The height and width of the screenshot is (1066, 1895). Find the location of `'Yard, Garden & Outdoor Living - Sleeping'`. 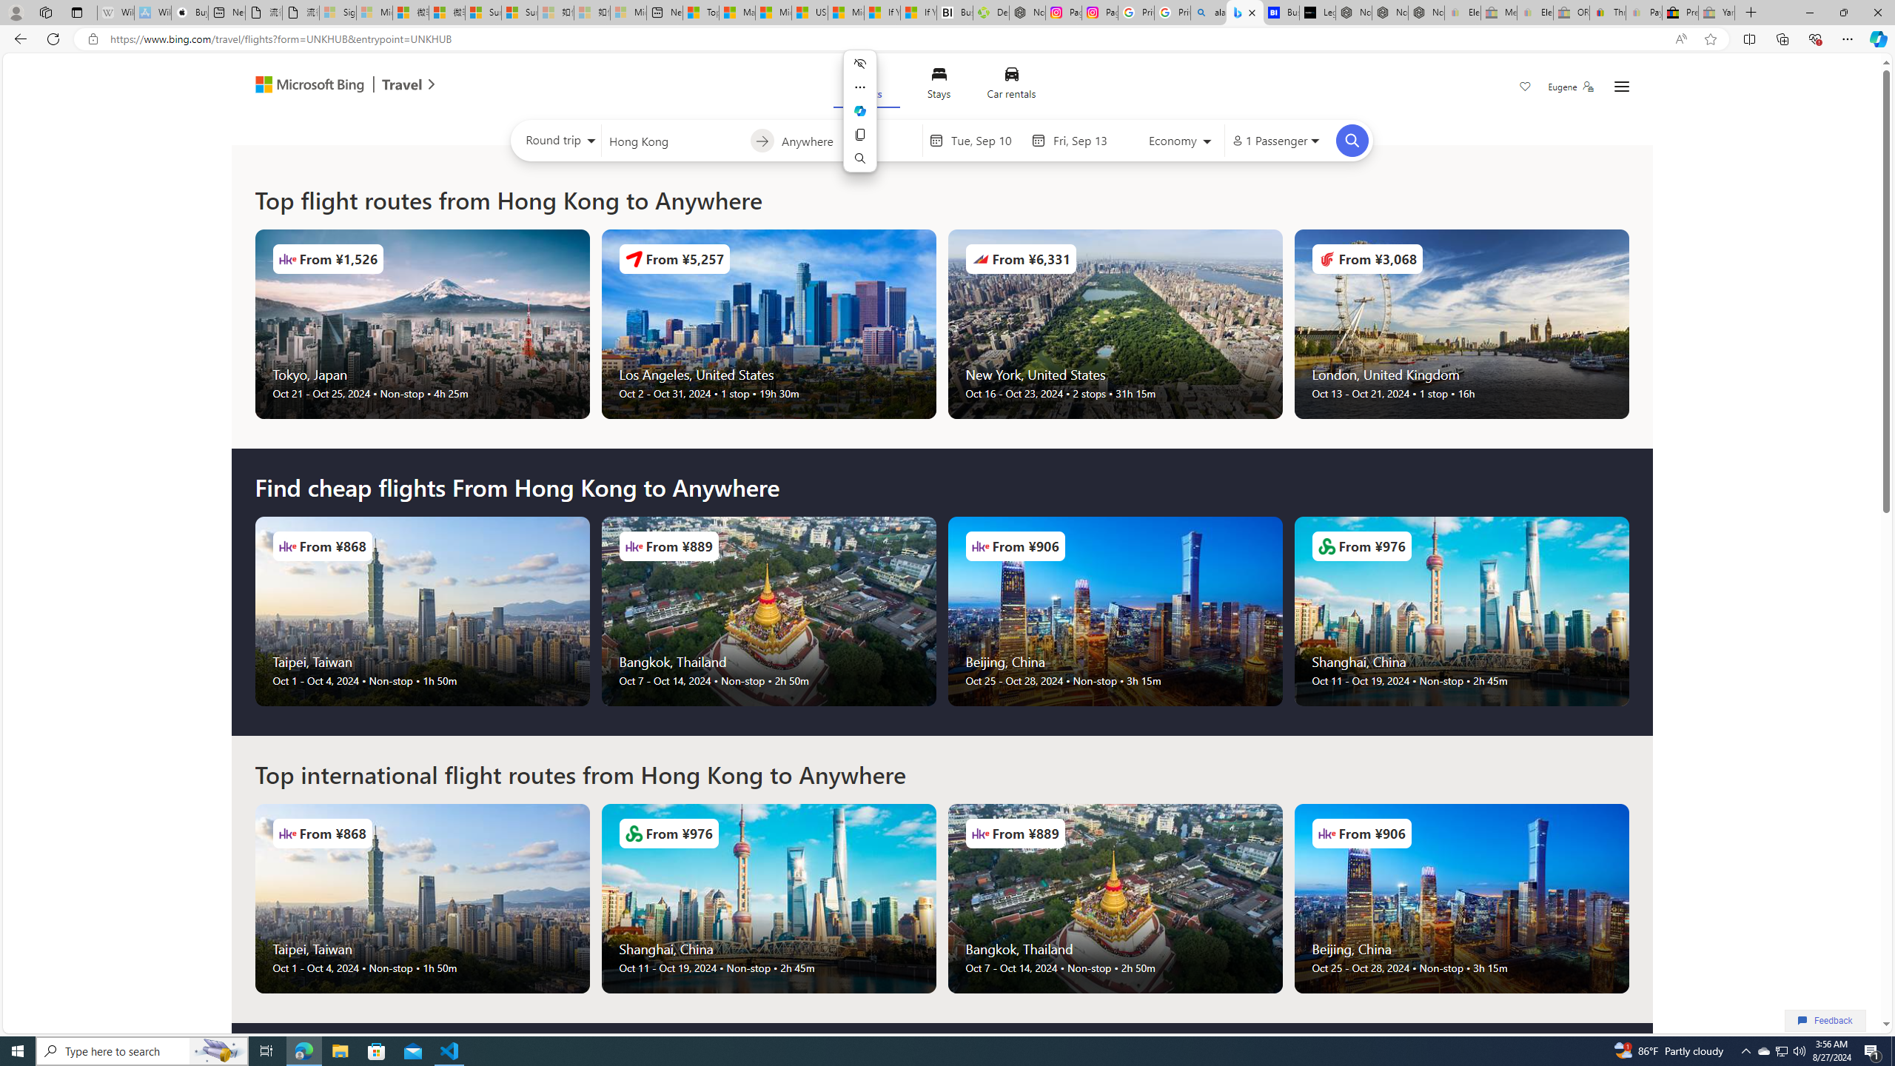

'Yard, Garden & Outdoor Living - Sleeping' is located at coordinates (1717, 12).